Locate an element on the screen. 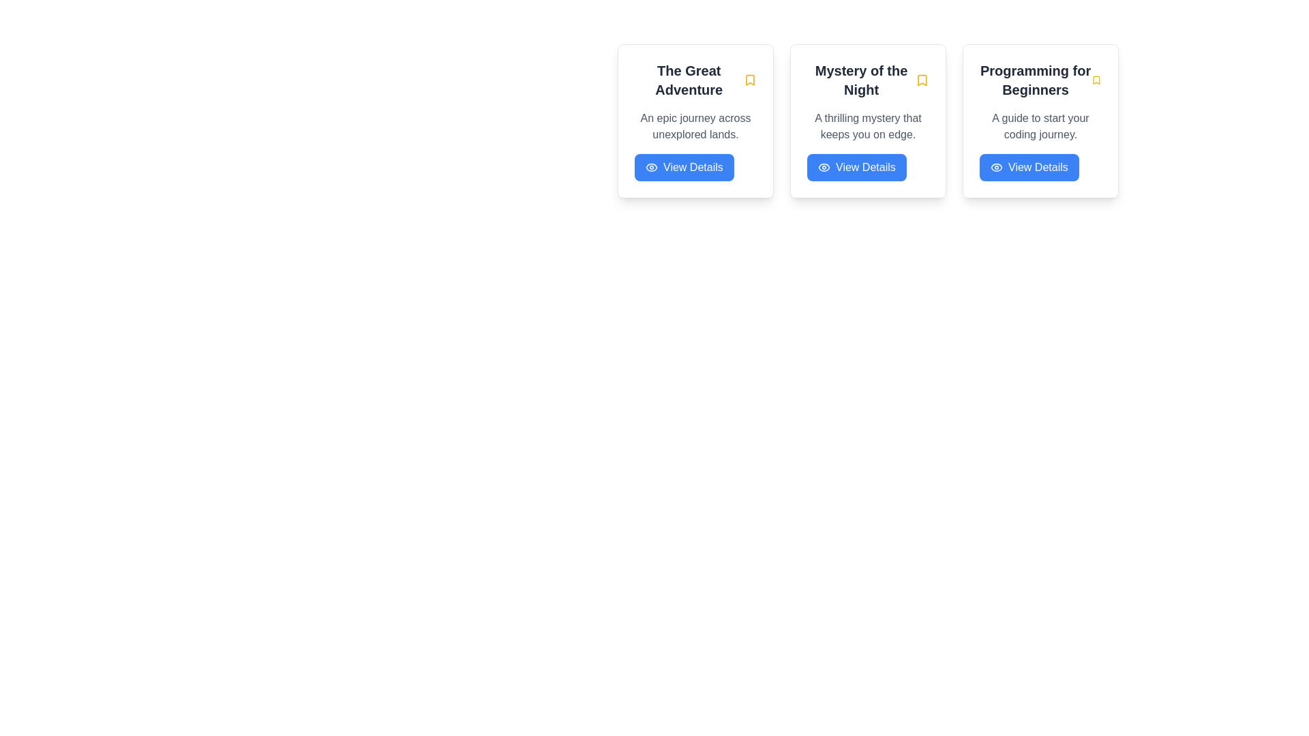 This screenshot has height=736, width=1309. the main title or heading located at the top center of the leftmost card among three horizontally aligned cards is located at coordinates (689, 80).